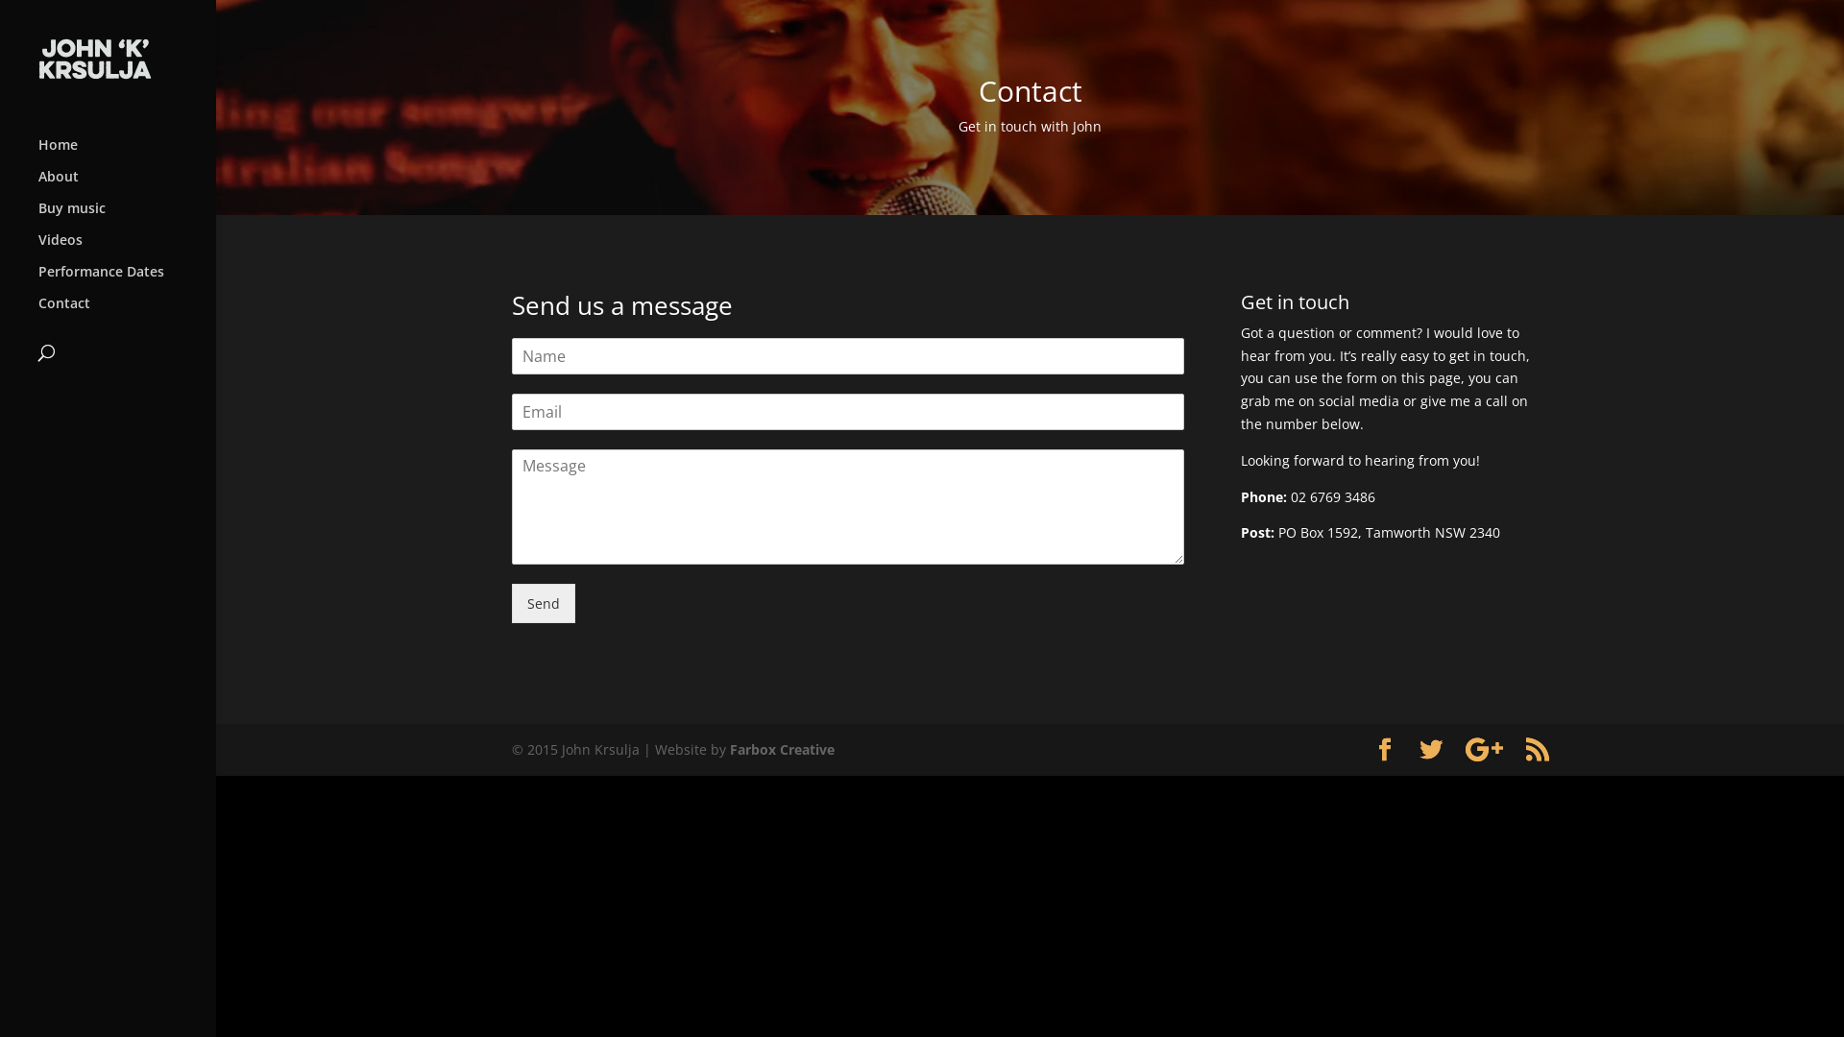 The height and width of the screenshot is (1037, 1844). I want to click on 'About', so click(37, 185).